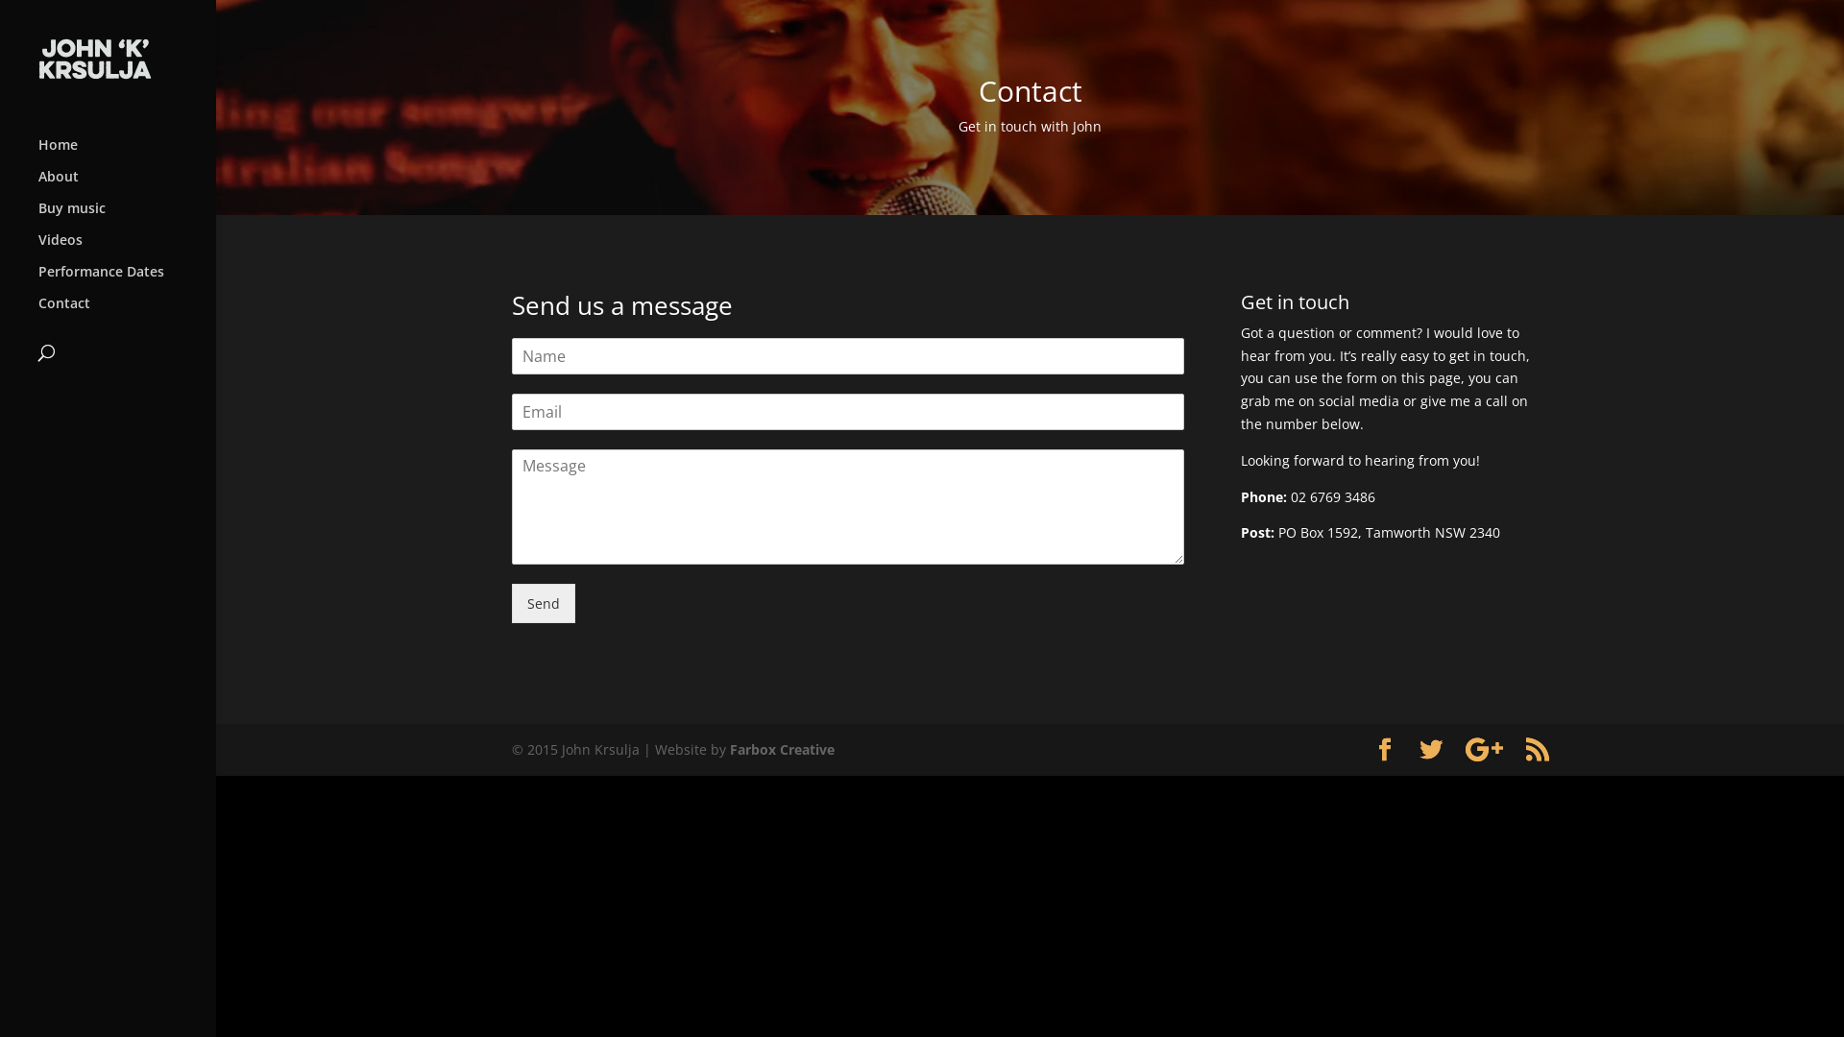 The height and width of the screenshot is (1037, 1844). I want to click on 'About', so click(37, 185).